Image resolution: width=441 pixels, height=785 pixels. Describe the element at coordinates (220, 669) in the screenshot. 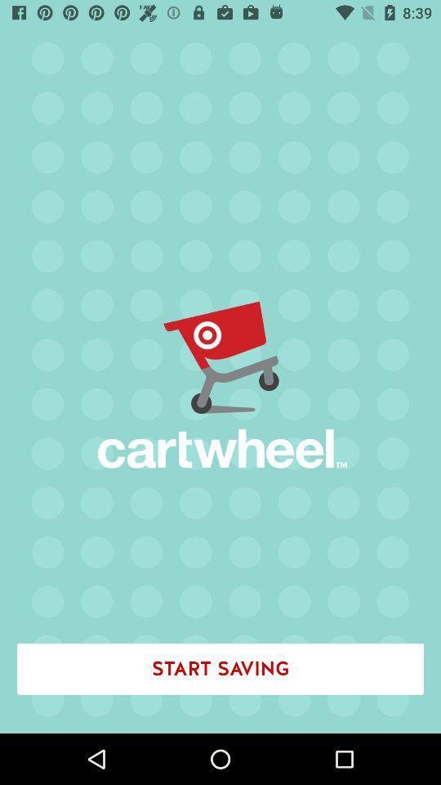

I see `the start saving icon` at that location.